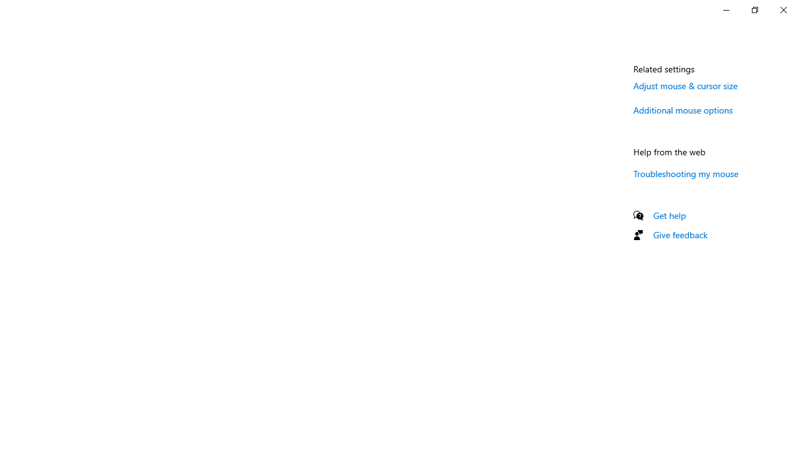  I want to click on 'Restore Settings', so click(754, 9).